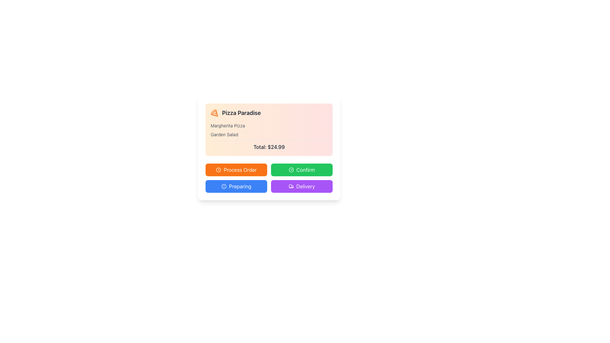 The height and width of the screenshot is (343, 610). What do you see at coordinates (236, 186) in the screenshot?
I see `the blue rectangular button labeled 'Preparing' with an alert icon` at bounding box center [236, 186].